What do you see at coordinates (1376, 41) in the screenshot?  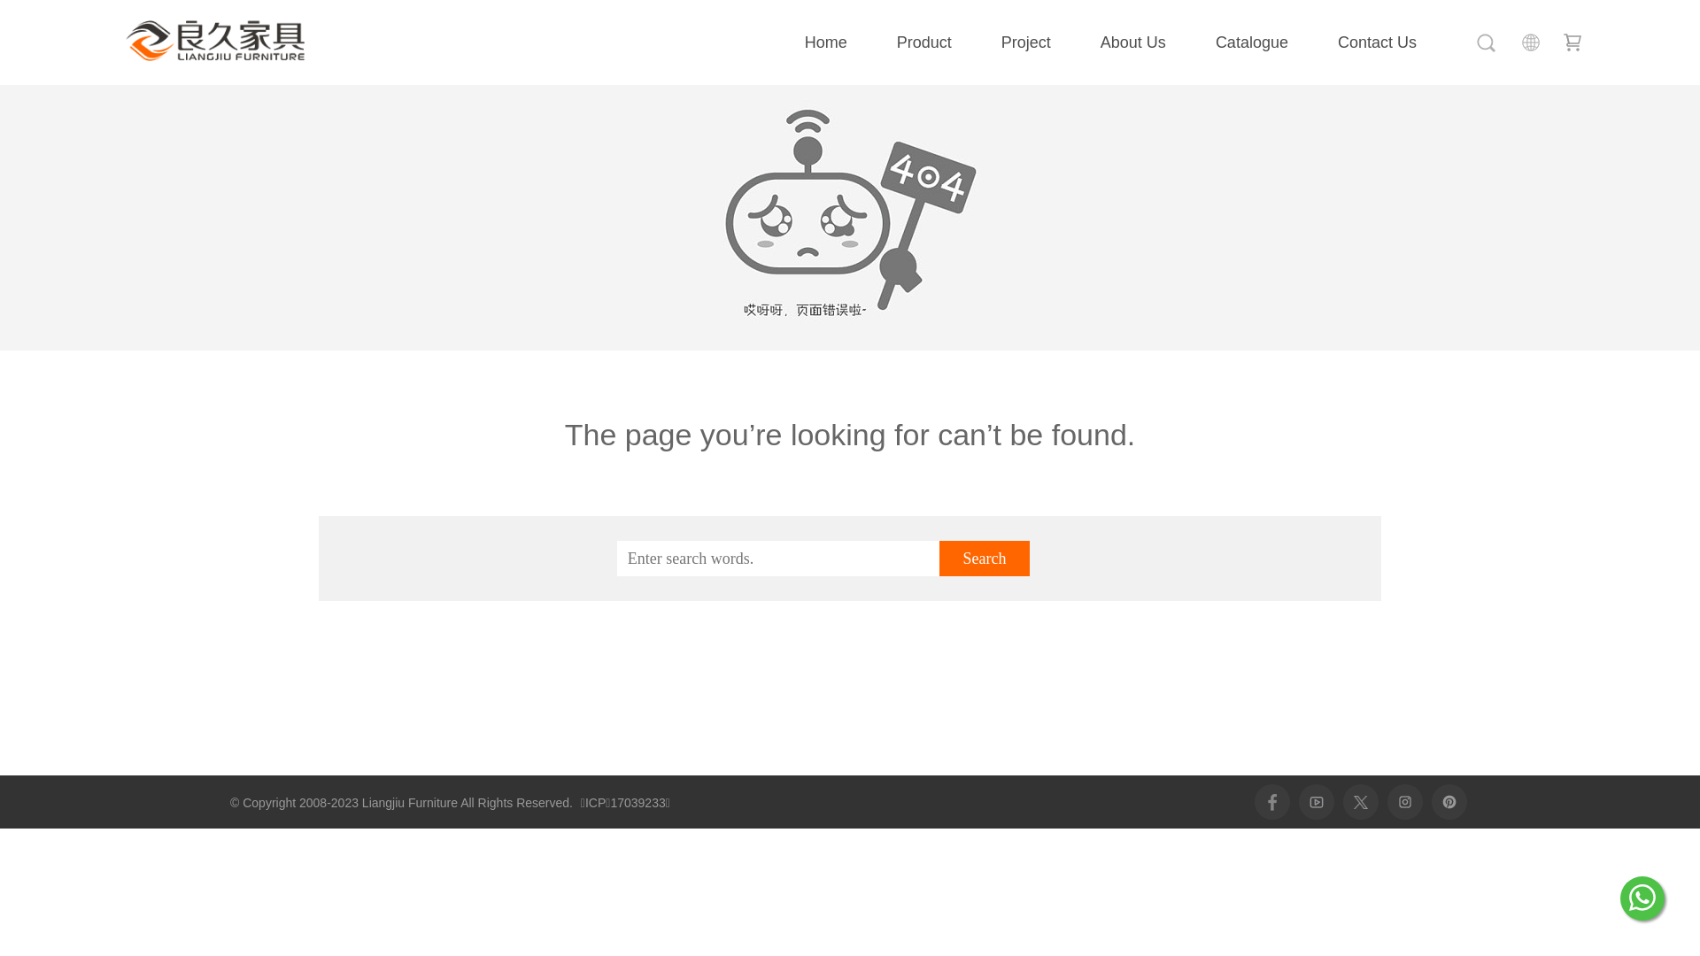 I see `'Contact Us'` at bounding box center [1376, 41].